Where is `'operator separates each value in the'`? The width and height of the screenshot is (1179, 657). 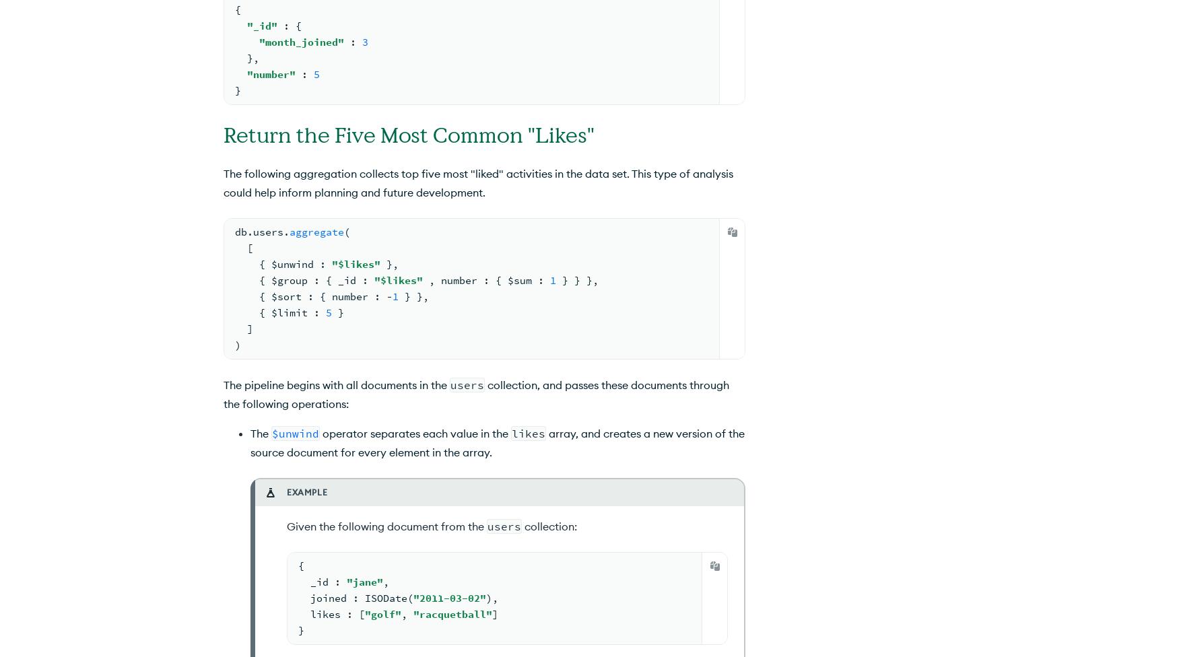
'operator separates each value in the' is located at coordinates (415, 432).